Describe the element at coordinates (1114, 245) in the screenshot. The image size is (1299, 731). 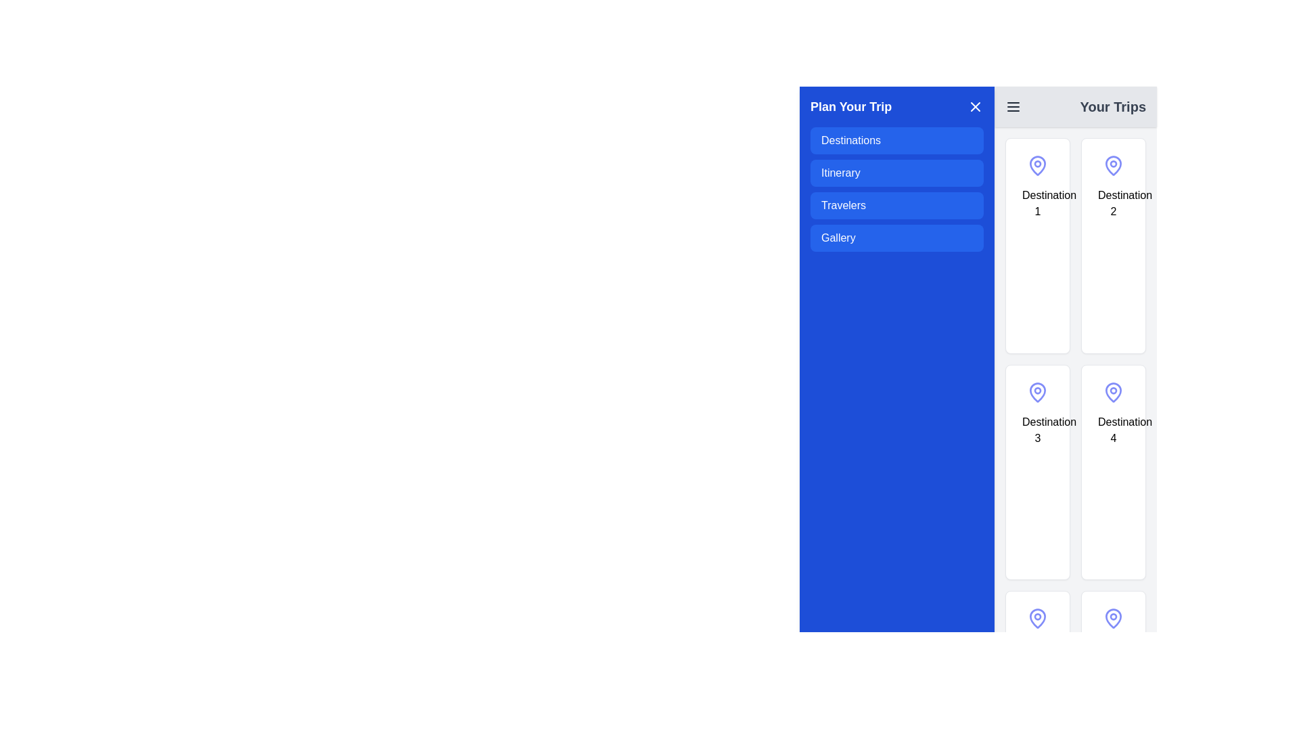
I see `the second selectable card labeled 'Destination 2' in the 'Your Trips' panel` at that location.